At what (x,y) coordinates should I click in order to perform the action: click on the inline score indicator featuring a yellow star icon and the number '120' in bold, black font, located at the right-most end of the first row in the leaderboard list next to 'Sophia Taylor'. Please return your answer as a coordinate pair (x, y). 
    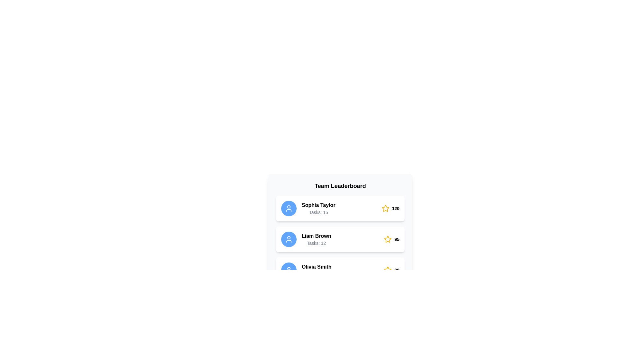
    Looking at the image, I should click on (390, 208).